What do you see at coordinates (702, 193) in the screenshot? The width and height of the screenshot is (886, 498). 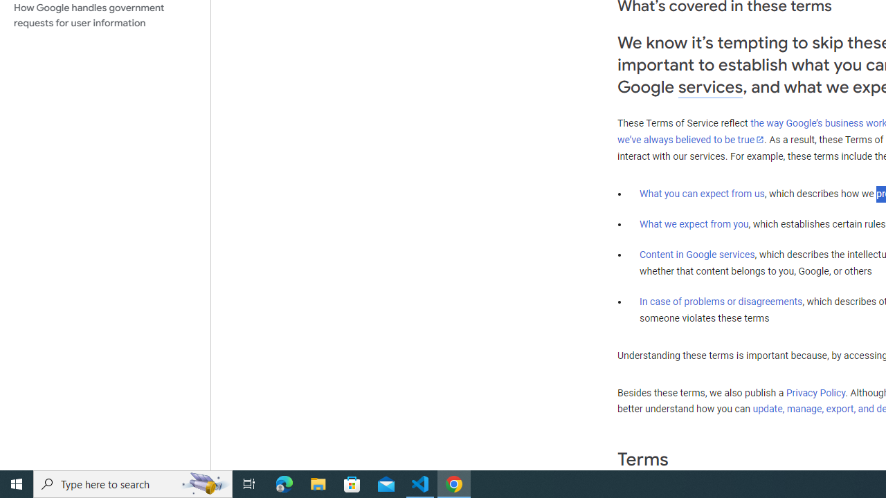 I see `'What you can expect from us'` at bounding box center [702, 193].